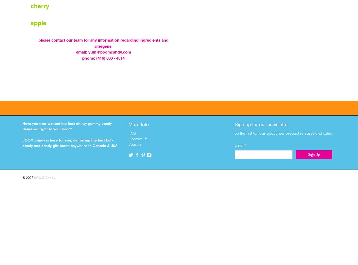  What do you see at coordinates (34, 178) in the screenshot?
I see `'BOOM Candy'` at bounding box center [34, 178].